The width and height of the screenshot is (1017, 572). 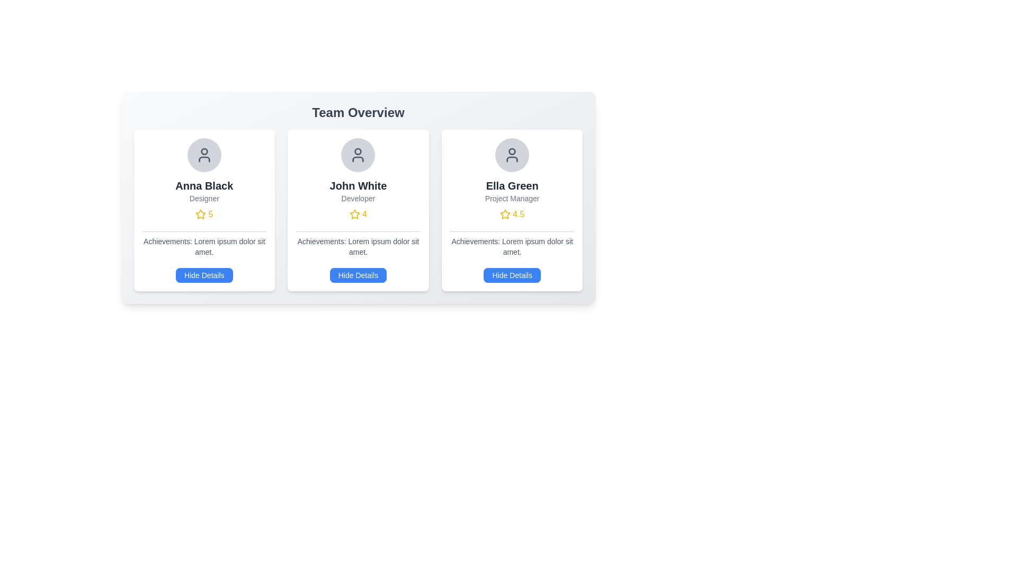 I want to click on the star-shaped icon representing the rating for the 'Ella Green - Project Manager' profile, which is located beneath the job title and to the left of the numerical rating (4.5), so click(x=505, y=215).